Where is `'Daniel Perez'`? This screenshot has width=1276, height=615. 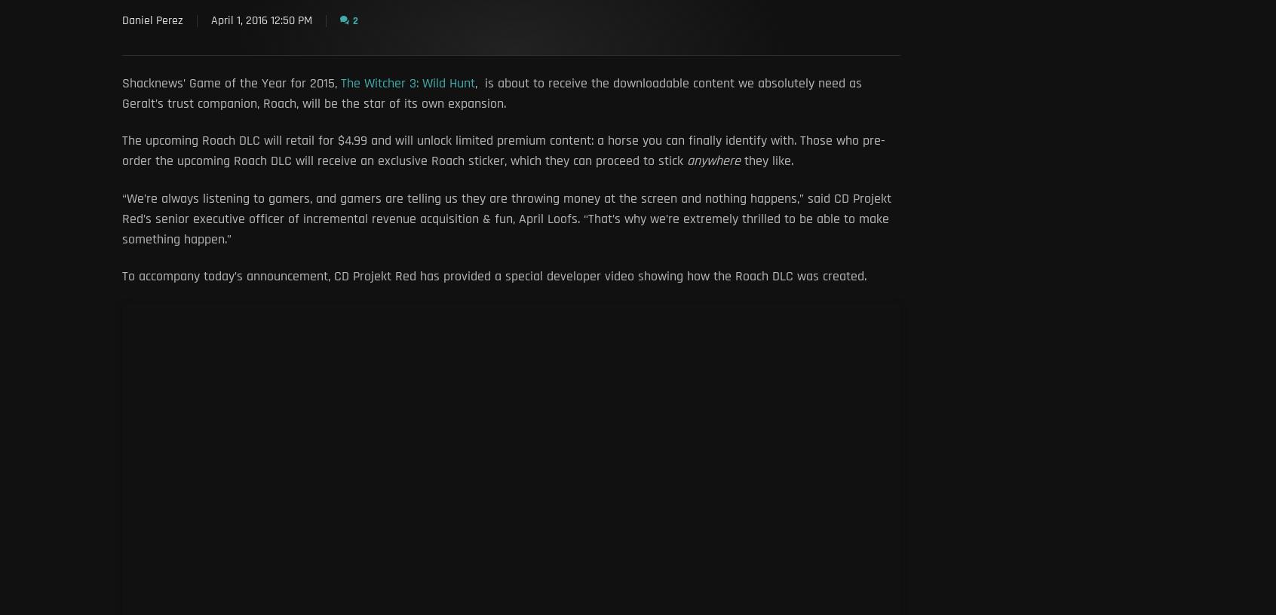 'Daniel Perez' is located at coordinates (121, 20).